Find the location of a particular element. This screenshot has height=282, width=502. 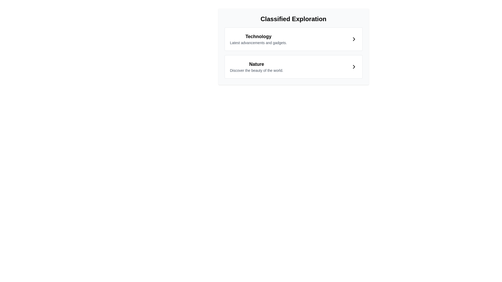

the descriptive text label providing context for the topic 'Nature', positioned beneath the heading in the 'Classified Exploration' section is located at coordinates (256, 70).